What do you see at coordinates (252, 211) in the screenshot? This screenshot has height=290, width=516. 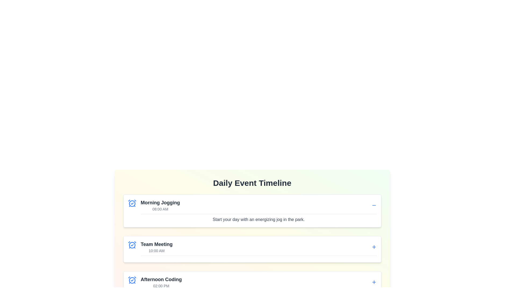 I see `information displayed on the Event Display Card titled 'Morning Jogging', which includes the time '08:00 AM' and the description 'Start your day with an energizing jog in the park.'` at bounding box center [252, 211].